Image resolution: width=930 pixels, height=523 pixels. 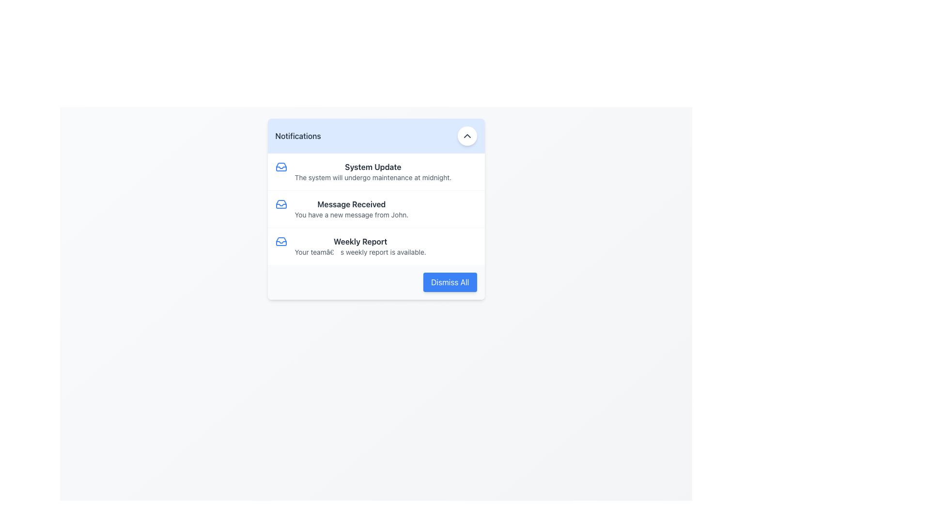 What do you see at coordinates (280, 241) in the screenshot?
I see `the blue inbox icon that precedes the text 'Weekly Report'` at bounding box center [280, 241].